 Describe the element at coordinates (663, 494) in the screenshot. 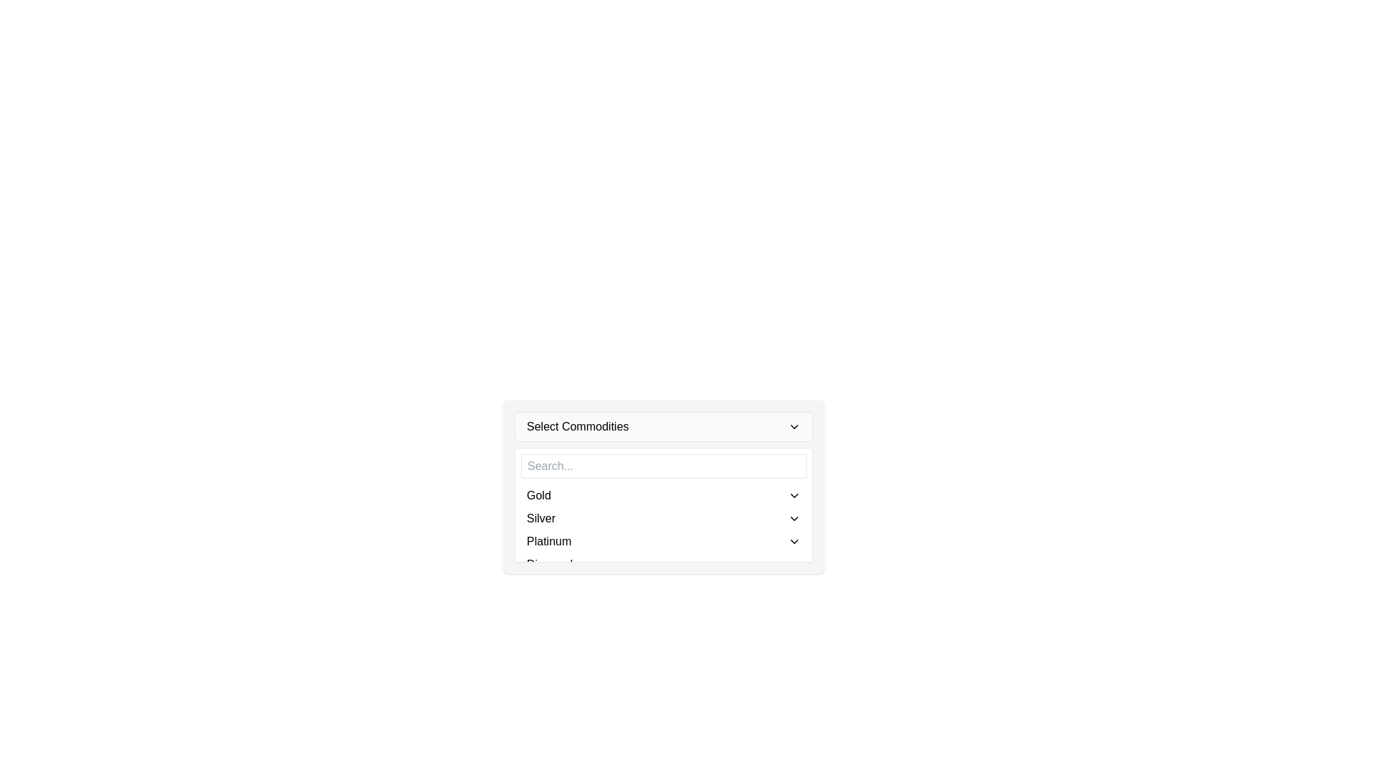

I see `the first item in the dropdown menu labeled 'Gold'` at that location.